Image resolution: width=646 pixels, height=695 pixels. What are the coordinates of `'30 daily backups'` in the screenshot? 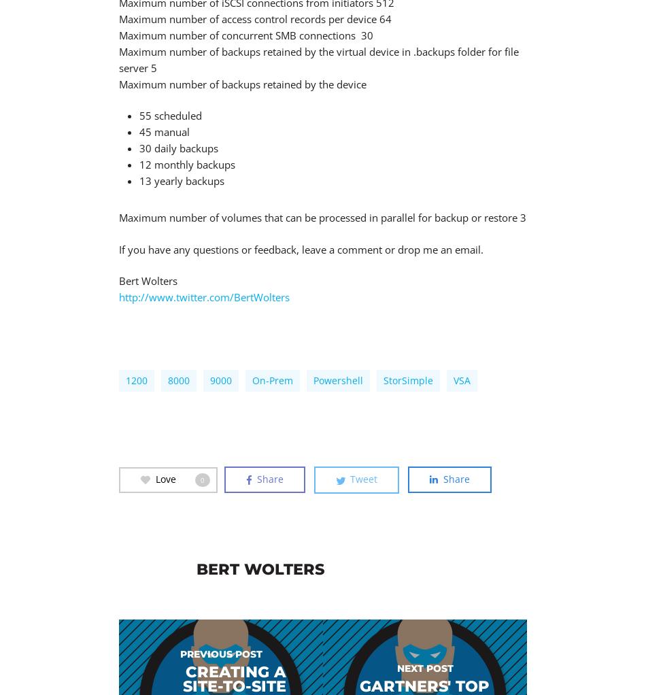 It's located at (177, 148).